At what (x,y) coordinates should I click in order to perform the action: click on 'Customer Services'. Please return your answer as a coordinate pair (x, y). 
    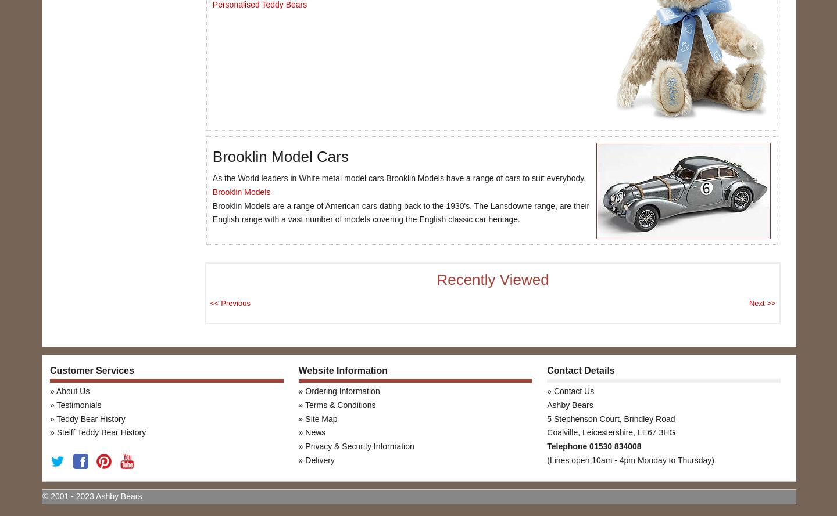
    Looking at the image, I should click on (91, 370).